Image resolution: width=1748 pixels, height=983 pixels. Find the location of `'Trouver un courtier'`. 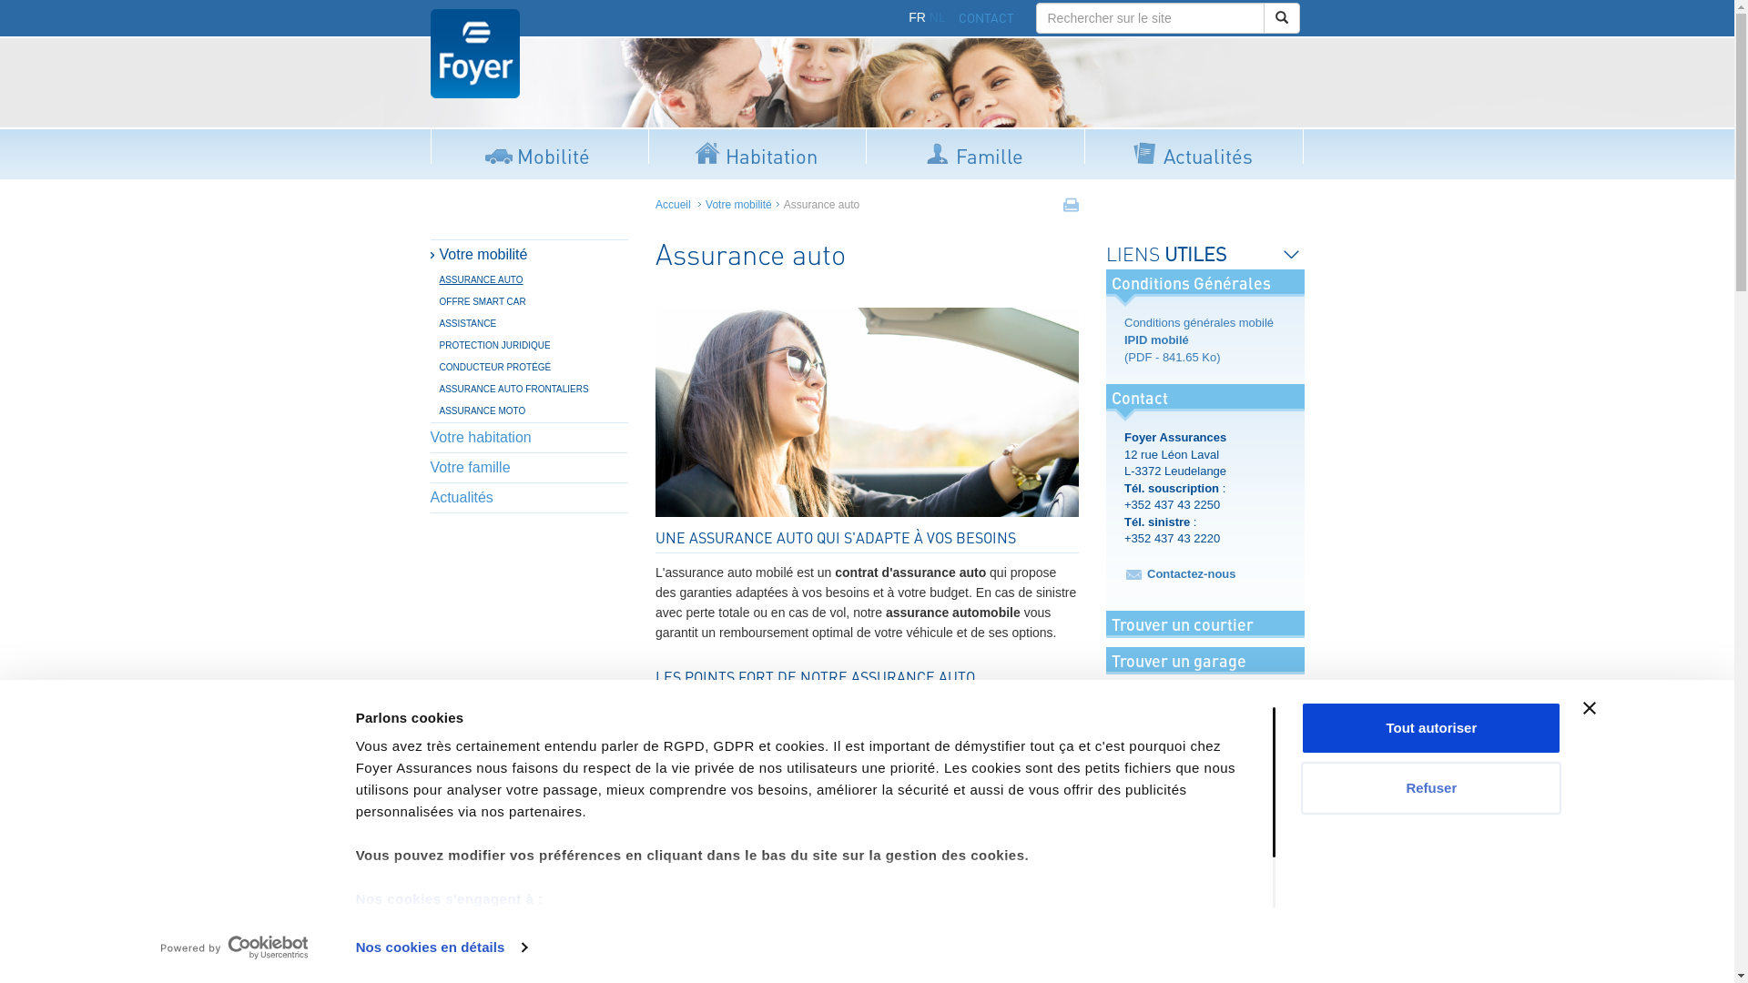

'Trouver un courtier' is located at coordinates (1183, 623).